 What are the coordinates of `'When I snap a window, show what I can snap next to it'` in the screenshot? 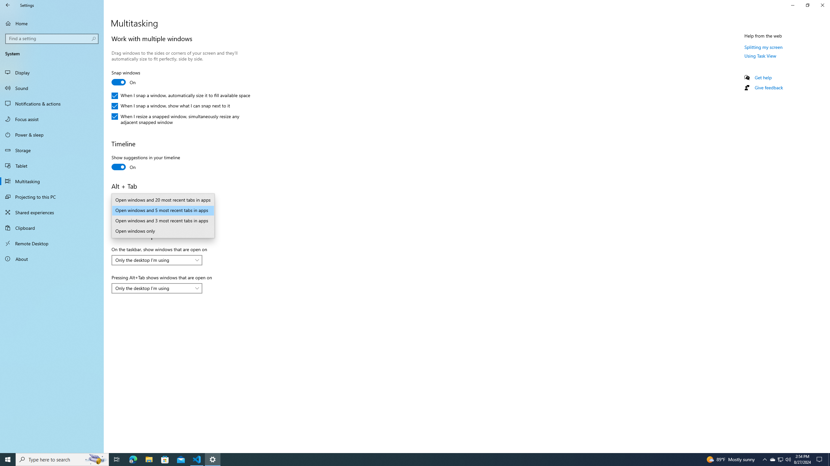 It's located at (170, 106).